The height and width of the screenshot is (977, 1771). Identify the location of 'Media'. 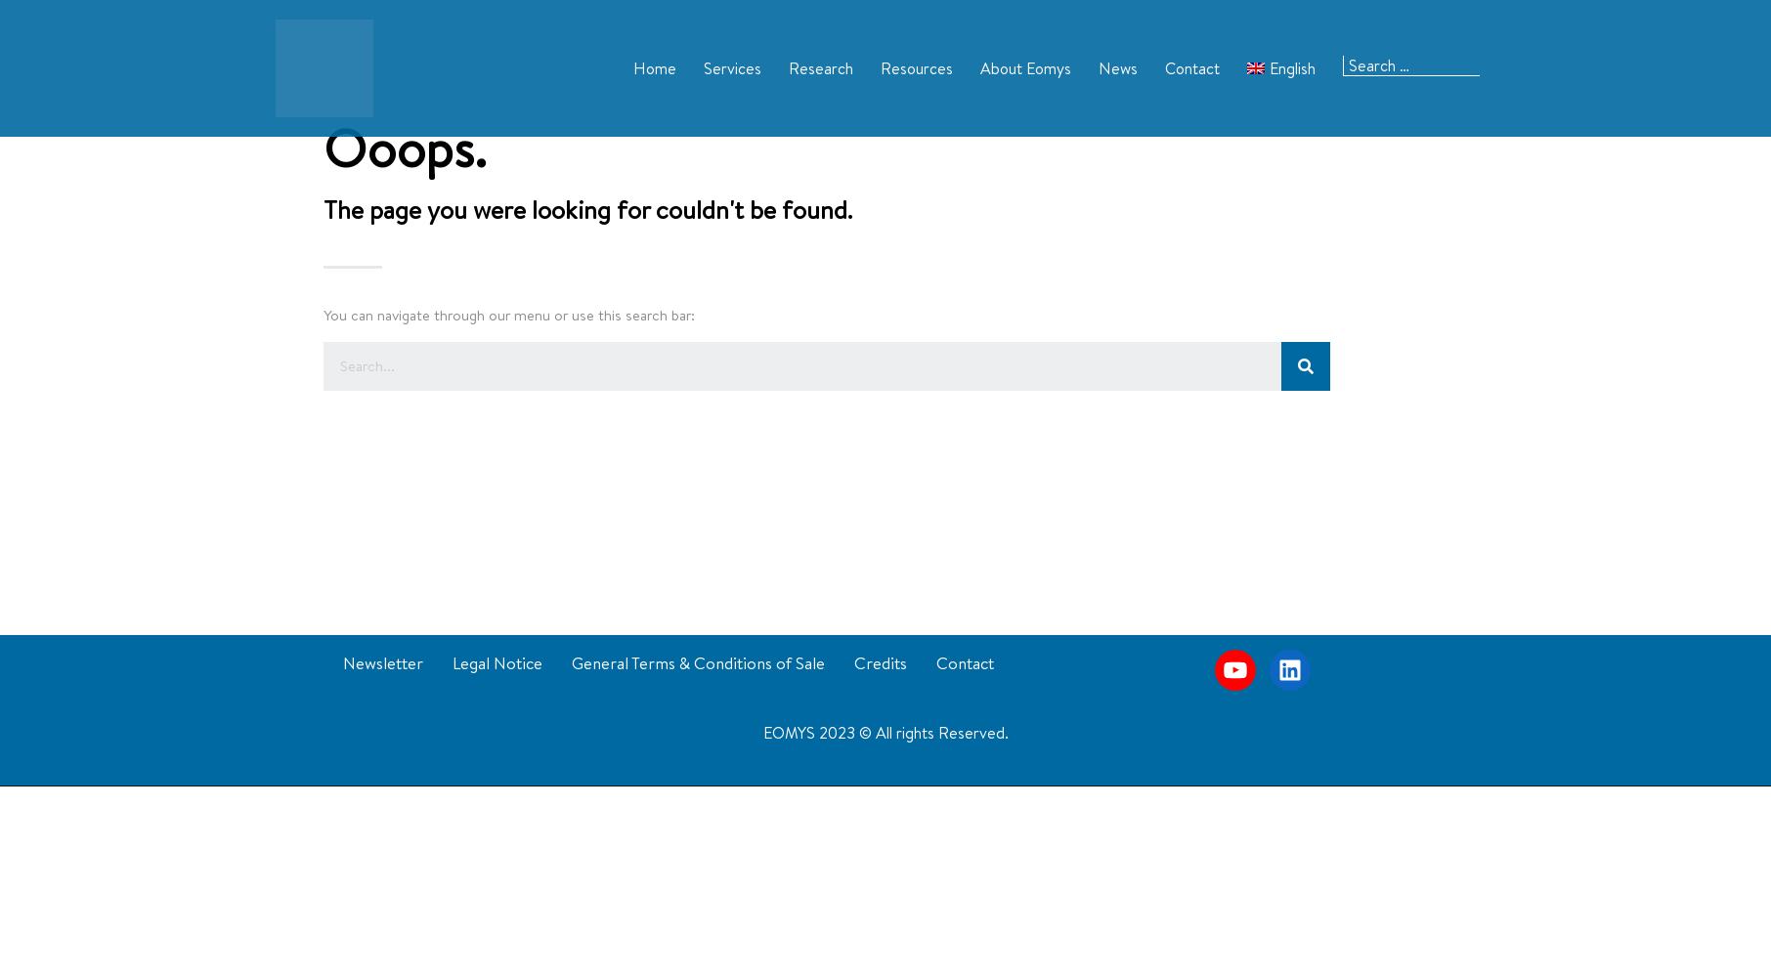
(896, 184).